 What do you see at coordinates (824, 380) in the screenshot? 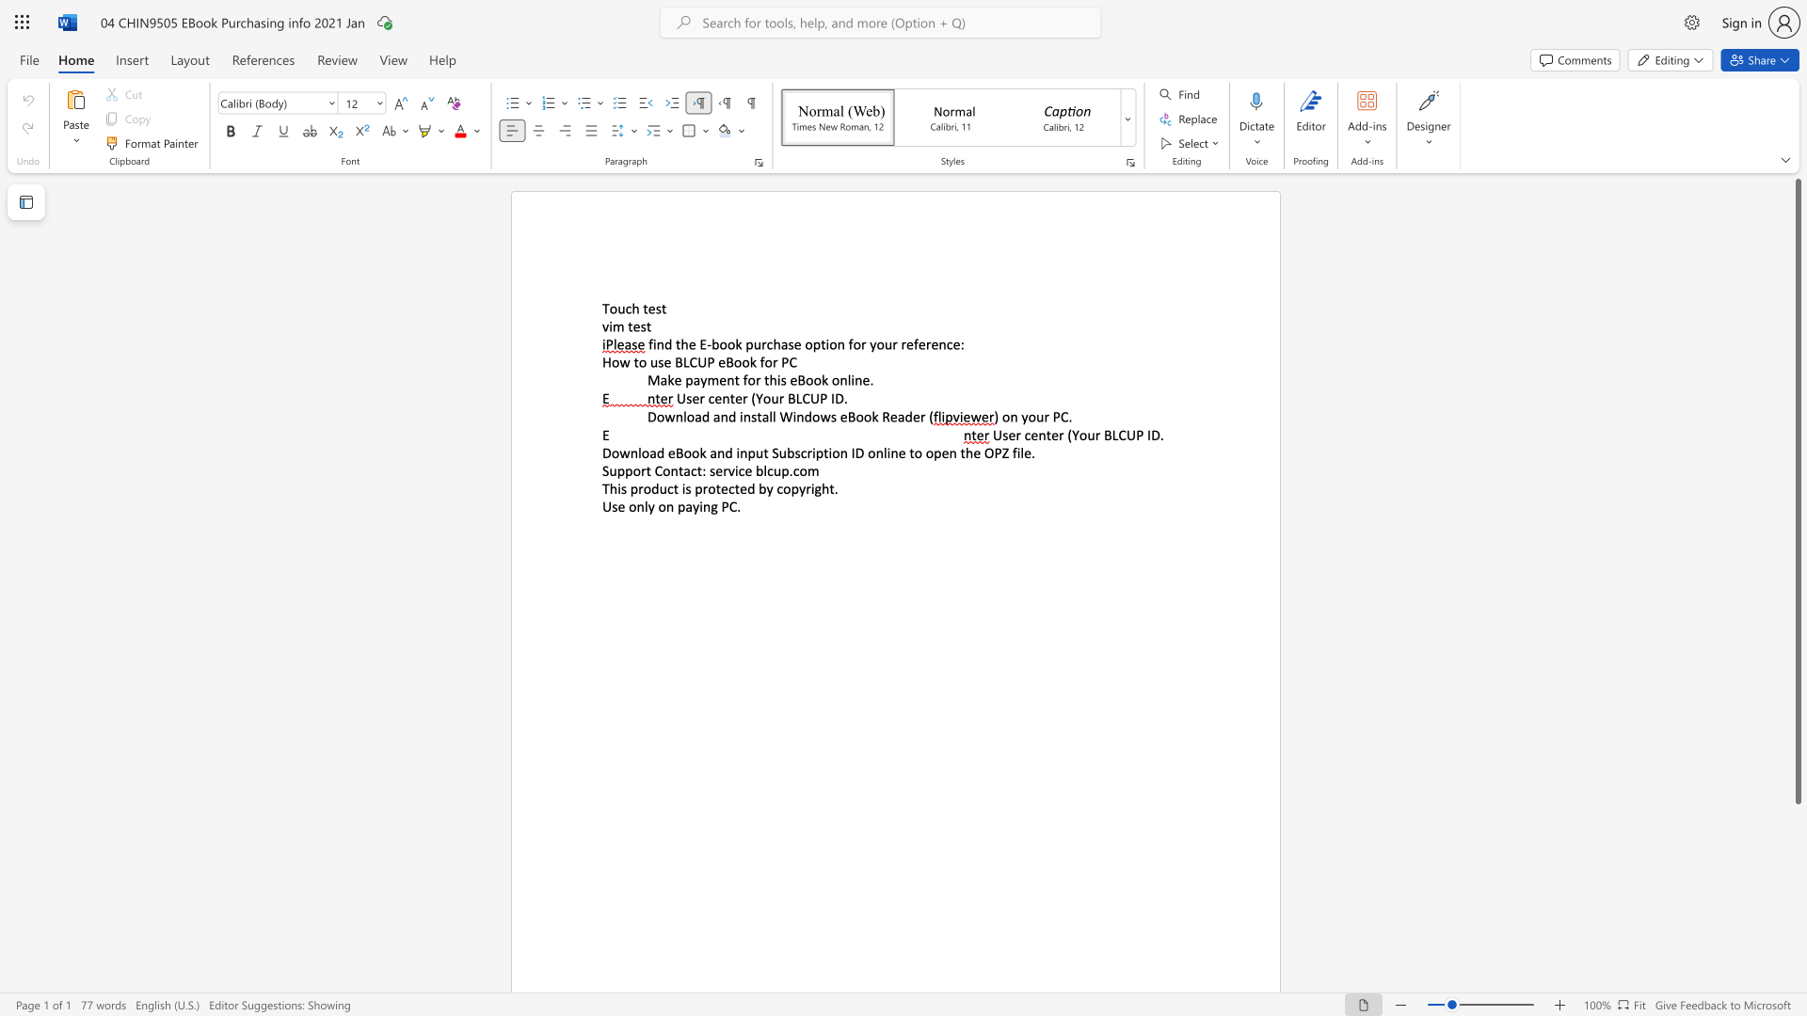
I see `the 2th character "k" in the text` at bounding box center [824, 380].